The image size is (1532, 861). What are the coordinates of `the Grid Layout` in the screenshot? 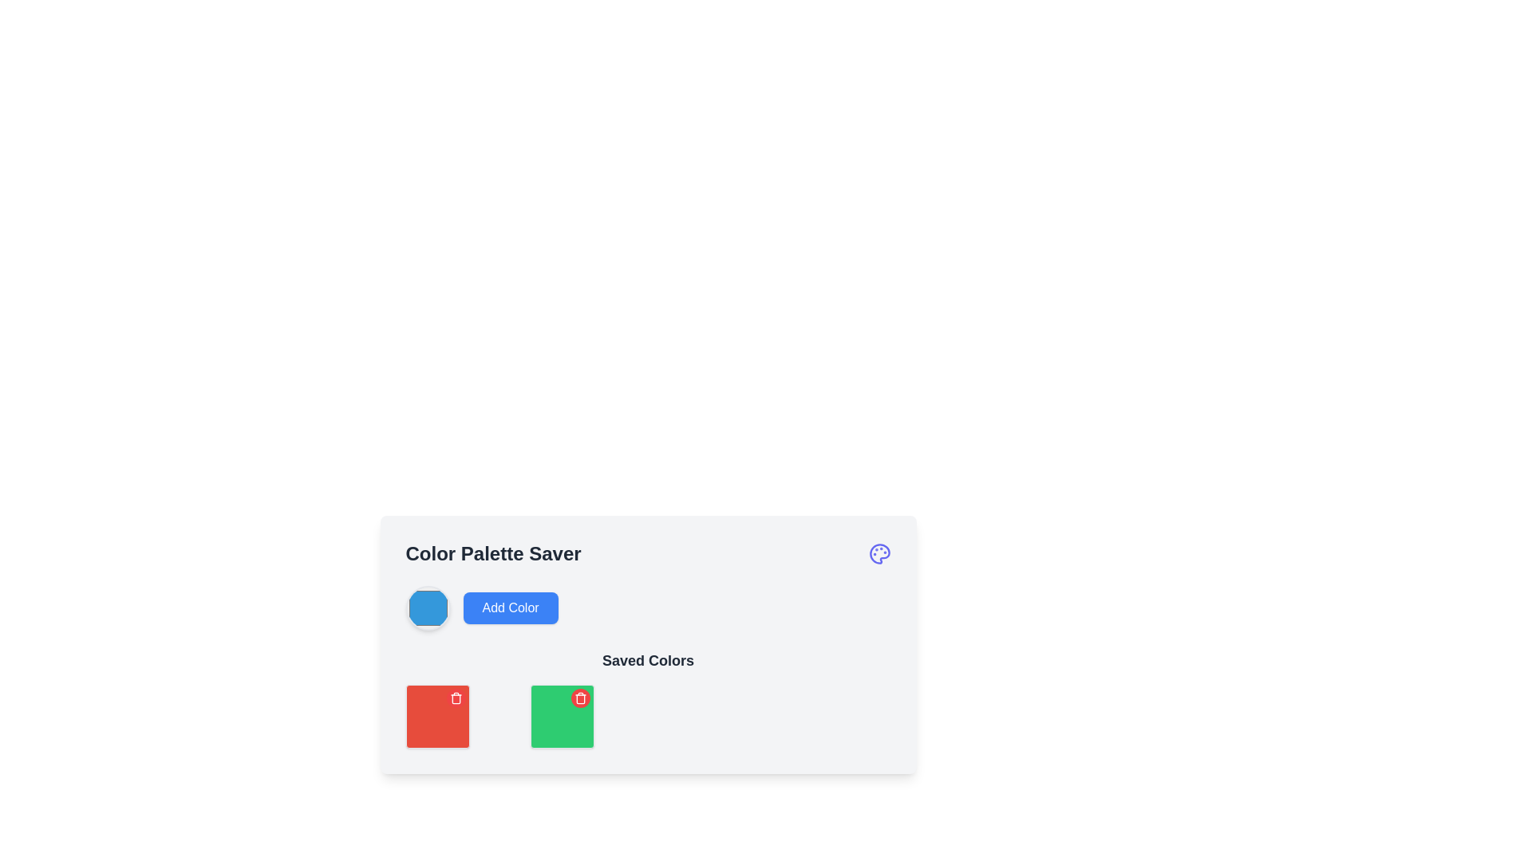 It's located at (648, 715).